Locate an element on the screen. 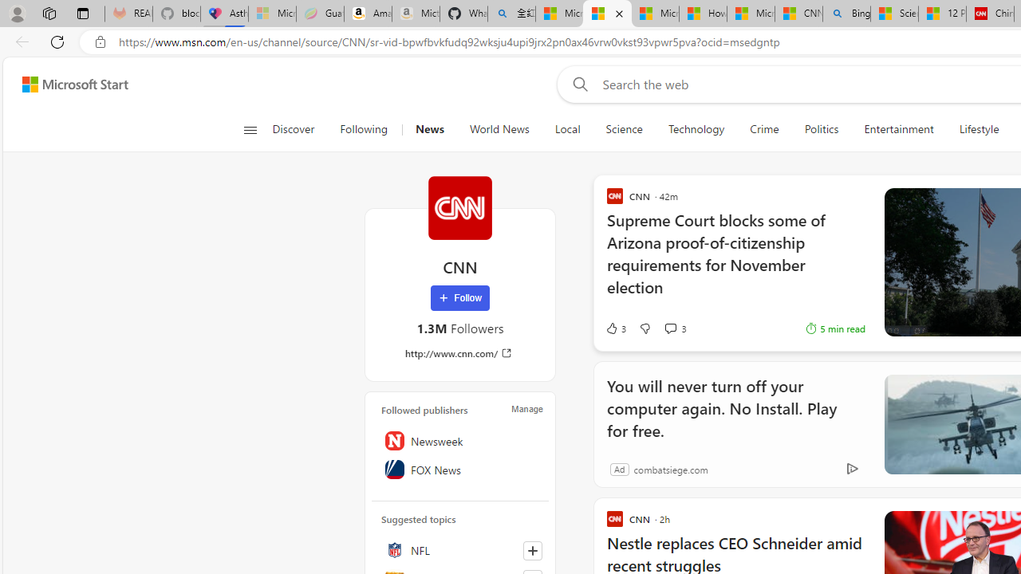 The image size is (1021, 574). 'Lifestyle' is located at coordinates (978, 129).